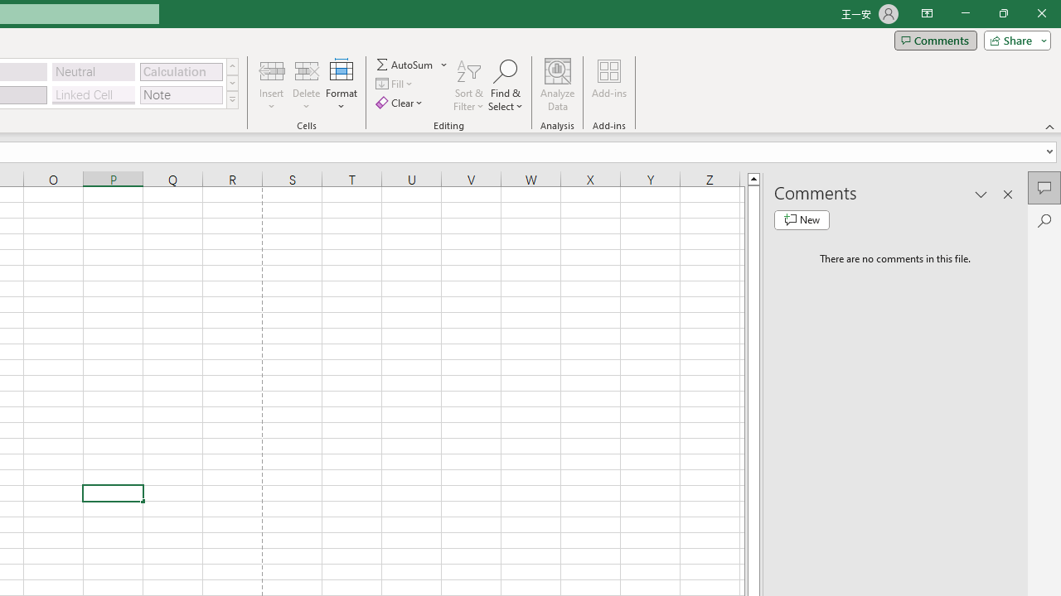 This screenshot has height=596, width=1061. What do you see at coordinates (231, 99) in the screenshot?
I see `'Cell Styles'` at bounding box center [231, 99].